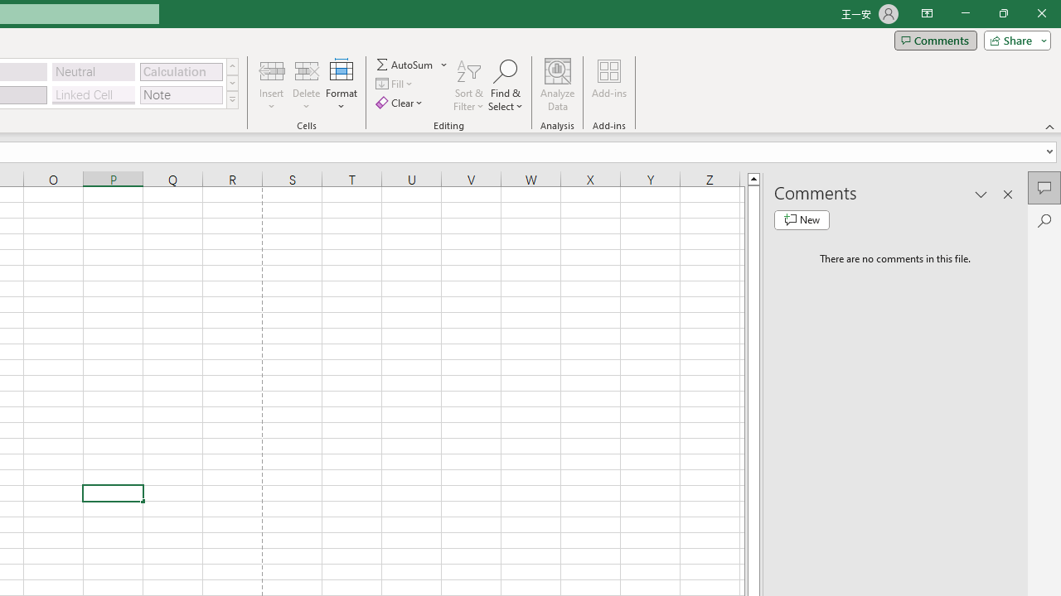 This screenshot has height=596, width=1061. What do you see at coordinates (231, 99) in the screenshot?
I see `'Cell Styles'` at bounding box center [231, 99].